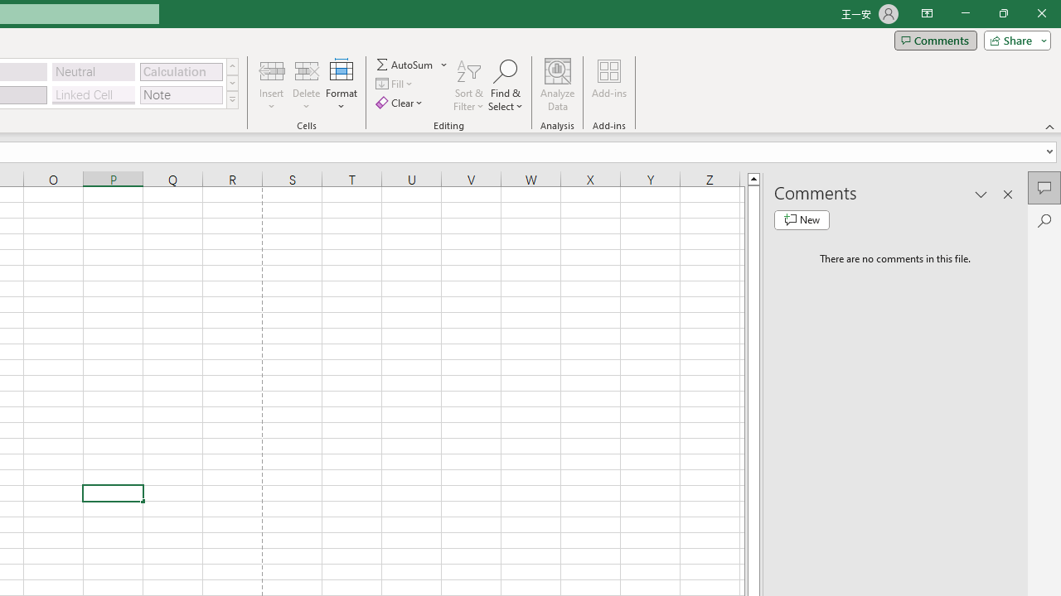 This screenshot has height=596, width=1061. What do you see at coordinates (231, 99) in the screenshot?
I see `'Cell Styles'` at bounding box center [231, 99].